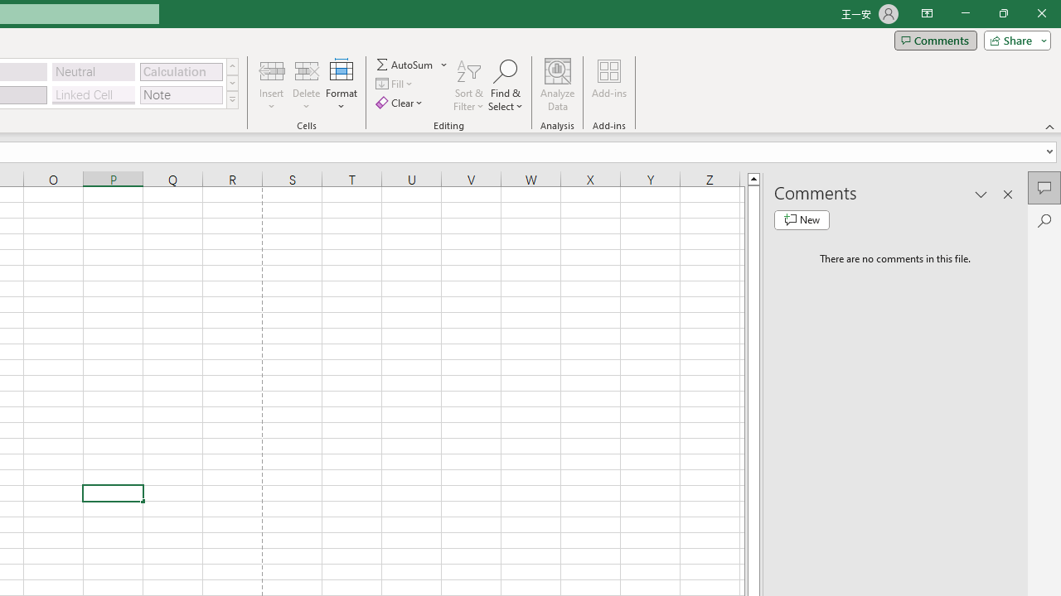 This screenshot has height=596, width=1061. What do you see at coordinates (231, 99) in the screenshot?
I see `'Cell Styles'` at bounding box center [231, 99].